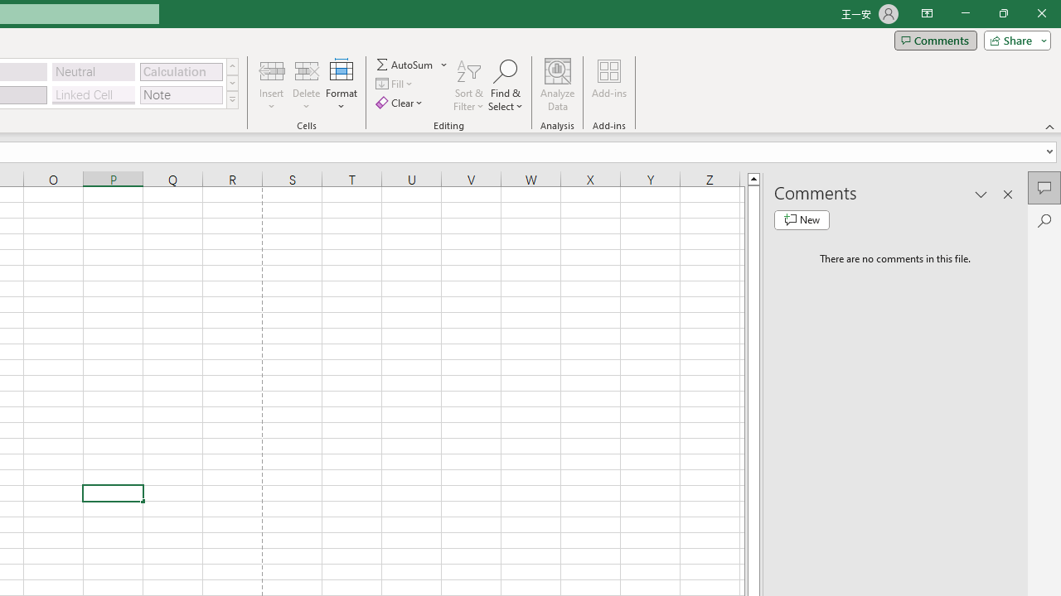 This screenshot has height=596, width=1061. What do you see at coordinates (231, 99) in the screenshot?
I see `'Cell Styles'` at bounding box center [231, 99].